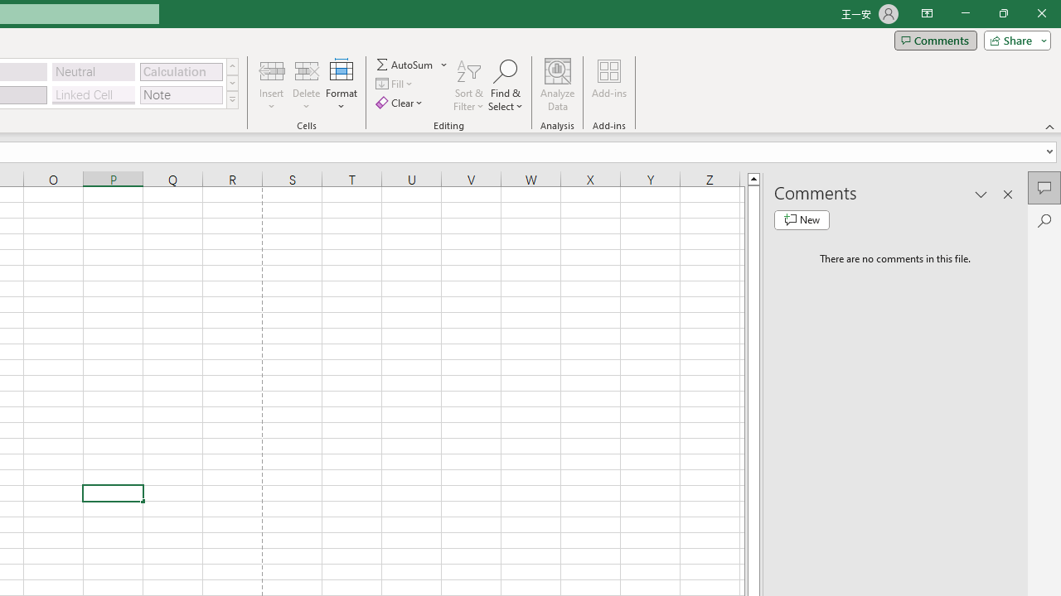 This screenshot has height=596, width=1061. What do you see at coordinates (231, 99) in the screenshot?
I see `'Cell Styles'` at bounding box center [231, 99].